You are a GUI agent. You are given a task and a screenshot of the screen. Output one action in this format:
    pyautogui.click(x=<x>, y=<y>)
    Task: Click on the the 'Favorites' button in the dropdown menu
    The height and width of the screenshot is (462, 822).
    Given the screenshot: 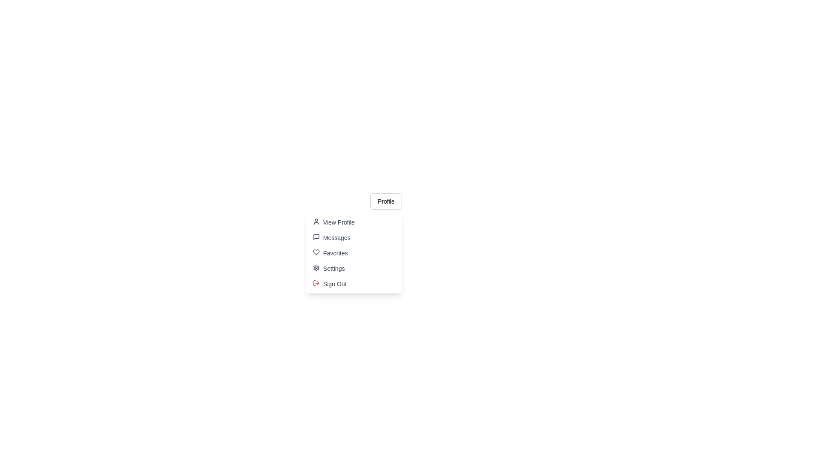 What is the action you would take?
    pyautogui.click(x=353, y=252)
    